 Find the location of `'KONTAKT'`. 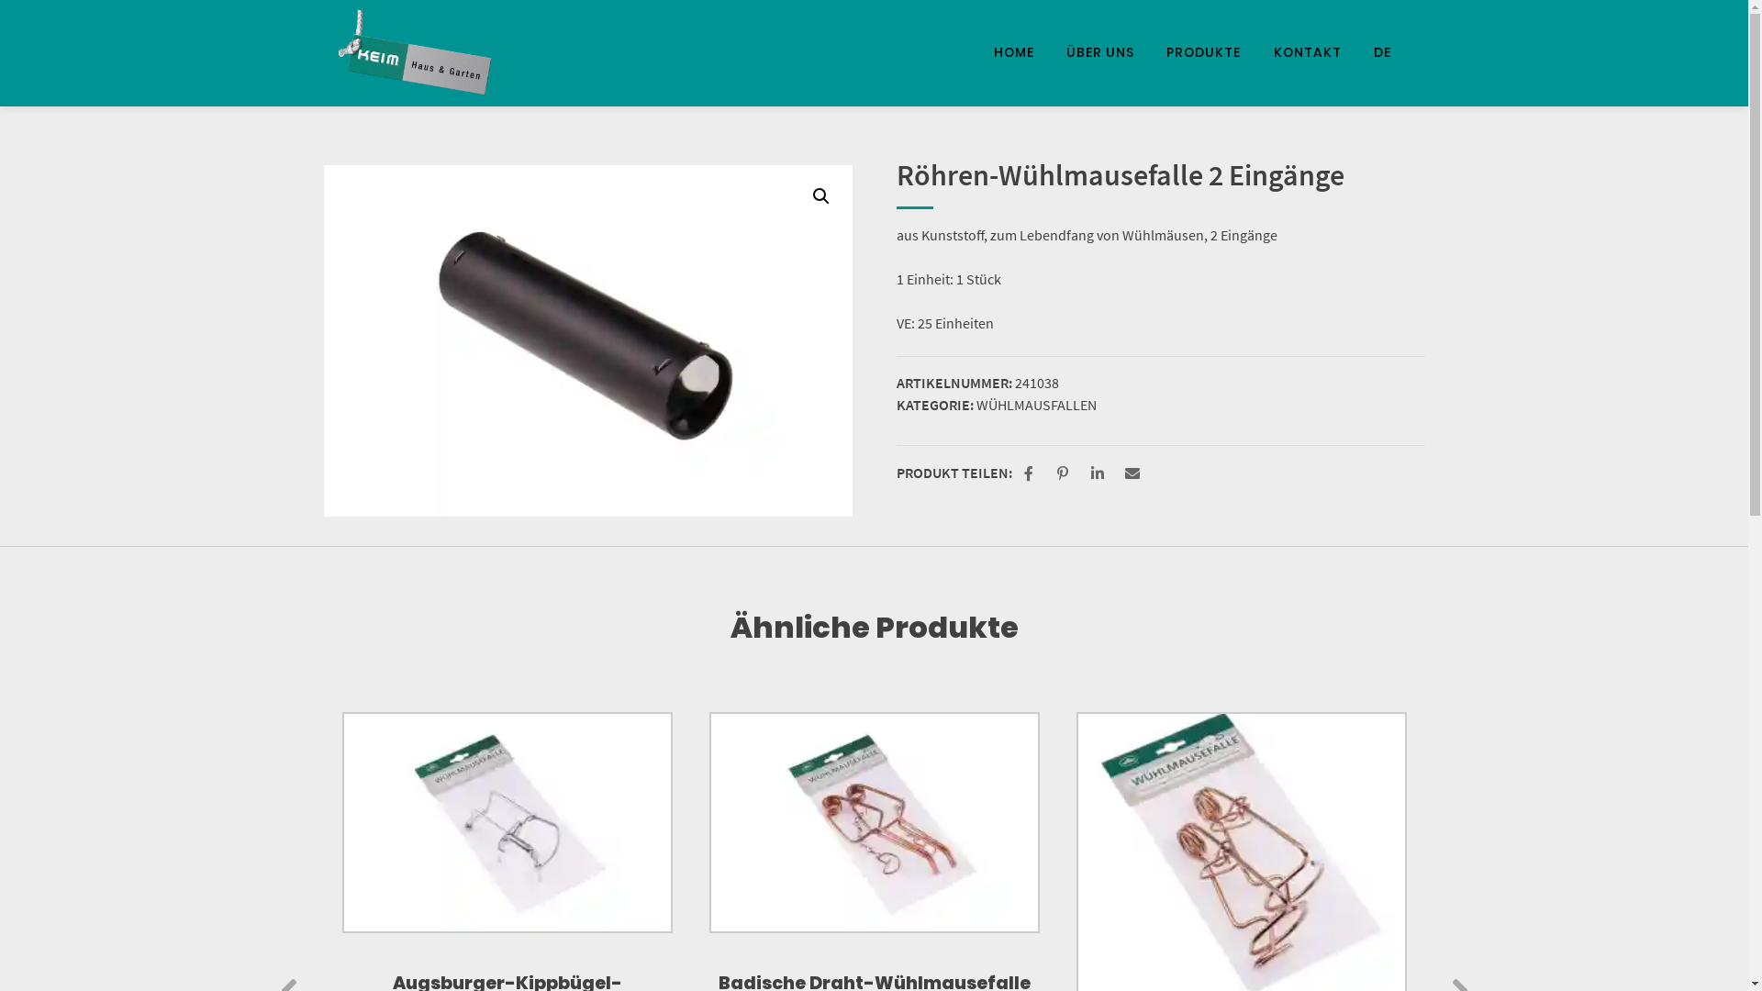

'KONTAKT' is located at coordinates (1307, 51).